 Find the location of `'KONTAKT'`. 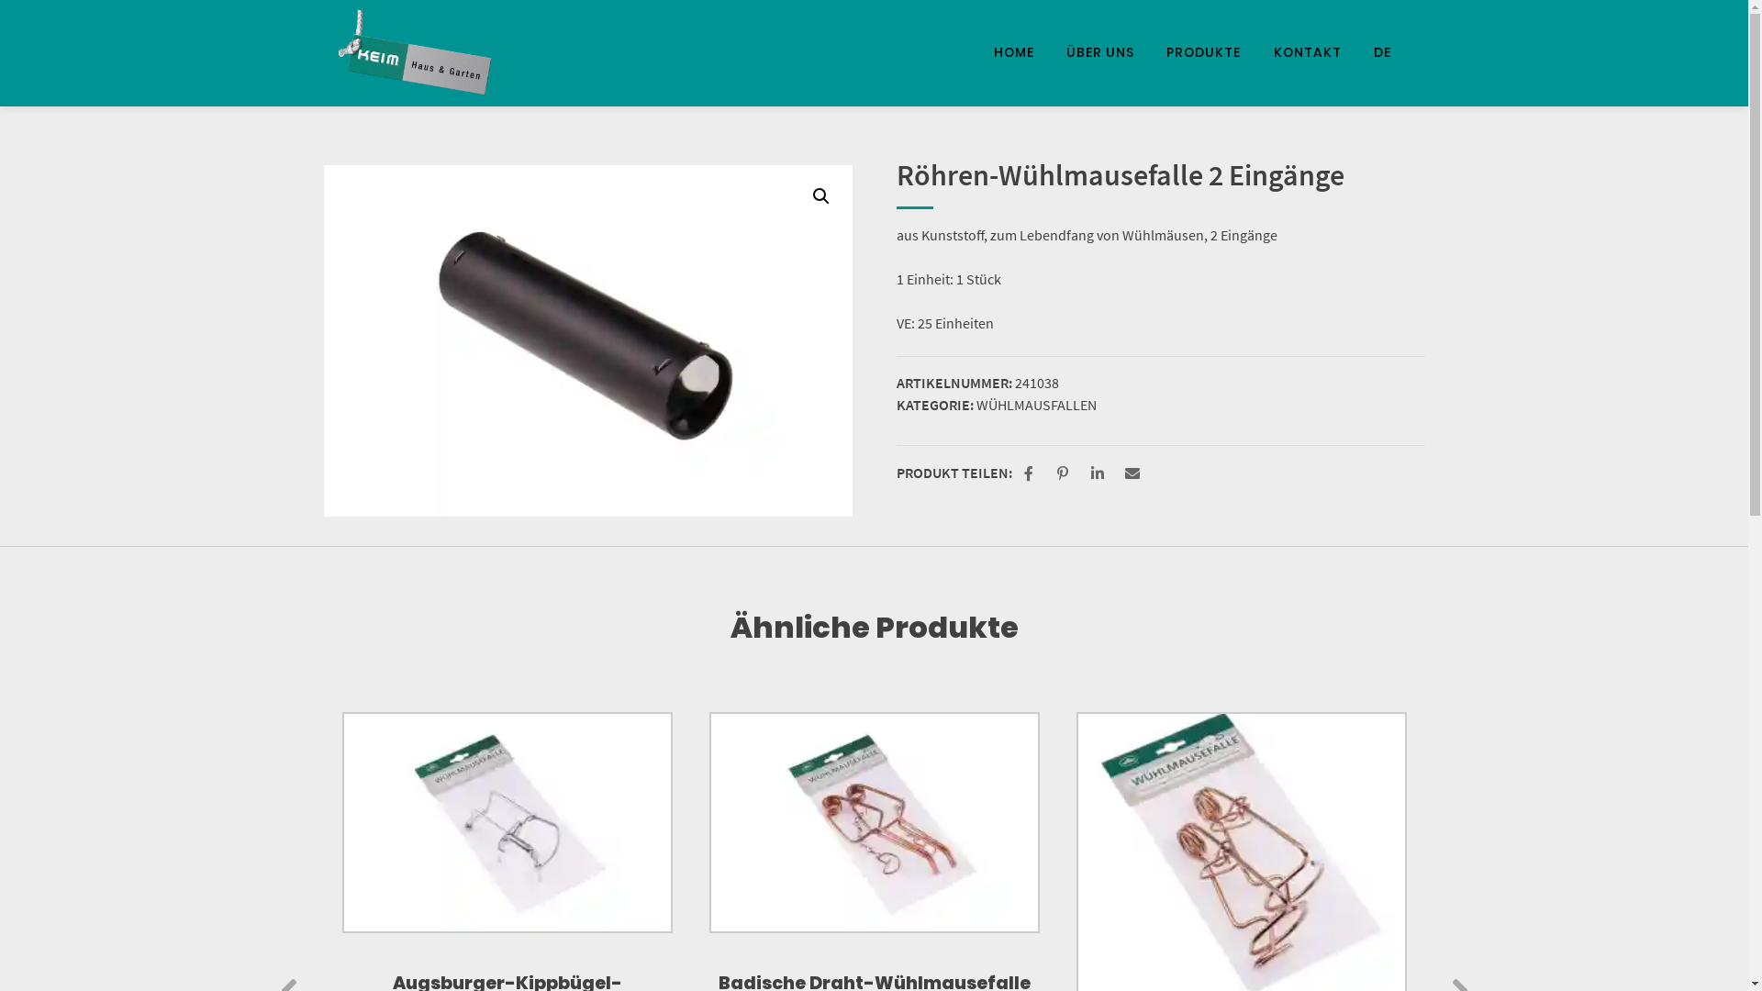

'KONTAKT' is located at coordinates (1307, 51).